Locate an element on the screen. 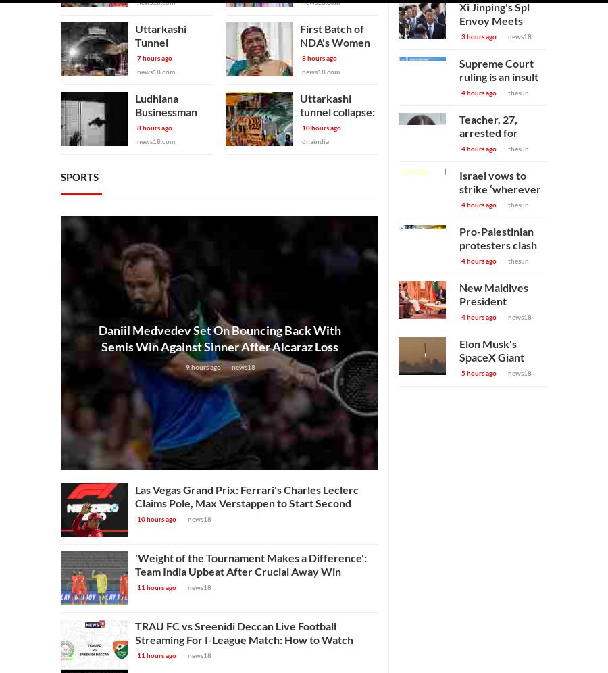 This screenshot has height=673, width=608. '3 hours ago' is located at coordinates (461, 35).